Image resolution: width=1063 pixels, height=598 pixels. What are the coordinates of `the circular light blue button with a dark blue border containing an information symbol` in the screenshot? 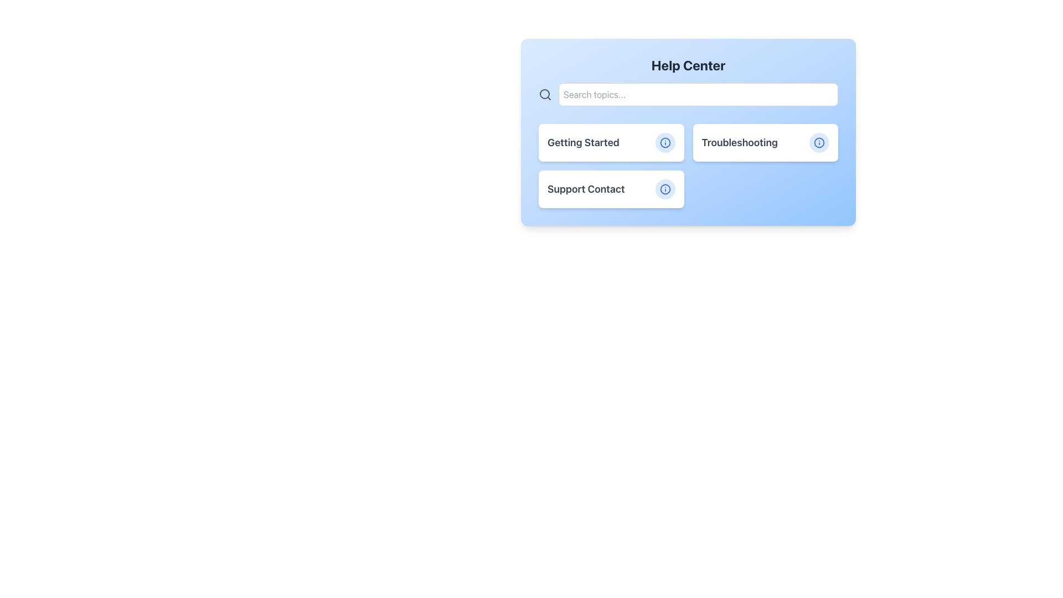 It's located at (664, 142).